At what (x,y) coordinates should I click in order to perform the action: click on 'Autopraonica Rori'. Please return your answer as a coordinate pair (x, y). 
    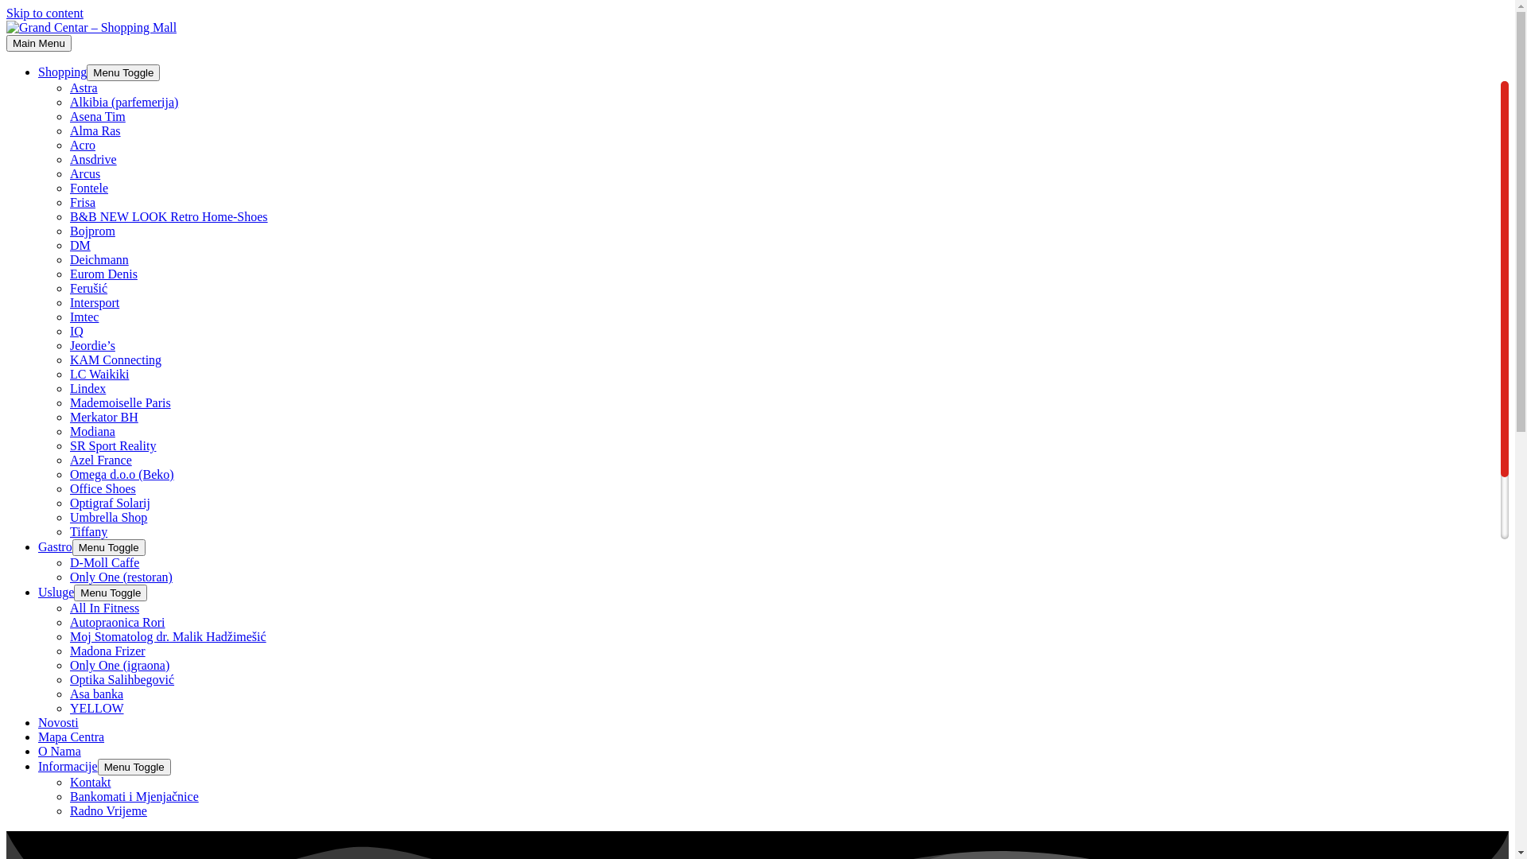
    Looking at the image, I should click on (117, 621).